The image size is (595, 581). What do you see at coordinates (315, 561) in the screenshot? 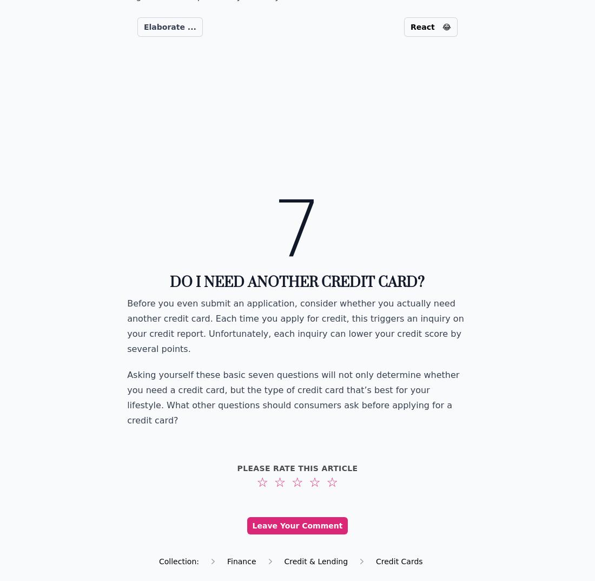
I see `'Credit & Lending'` at bounding box center [315, 561].